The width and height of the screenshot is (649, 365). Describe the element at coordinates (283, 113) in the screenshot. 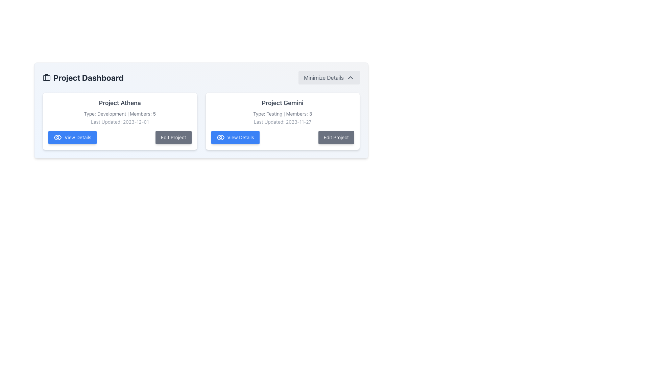

I see `information displayed in the text label showing 'Type: Testing | Members: 3' within the 'Project Gemini' card on the dashboard interface` at that location.